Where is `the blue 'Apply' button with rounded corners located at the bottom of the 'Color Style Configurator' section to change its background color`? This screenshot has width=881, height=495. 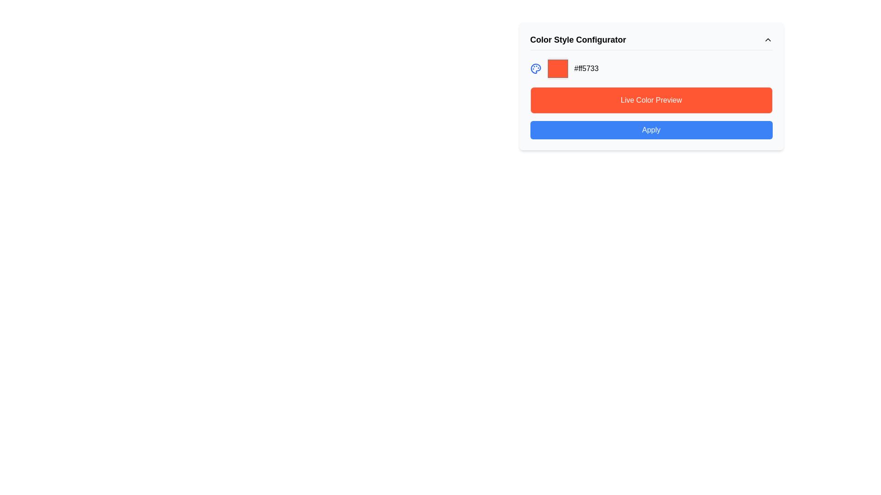 the blue 'Apply' button with rounded corners located at the bottom of the 'Color Style Configurator' section to change its background color is located at coordinates (651, 130).